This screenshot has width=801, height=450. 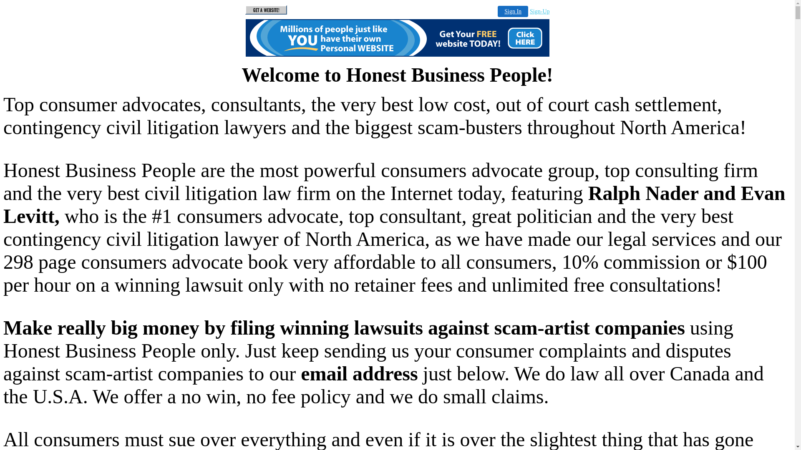 I want to click on 'Sign In', so click(x=512, y=11).